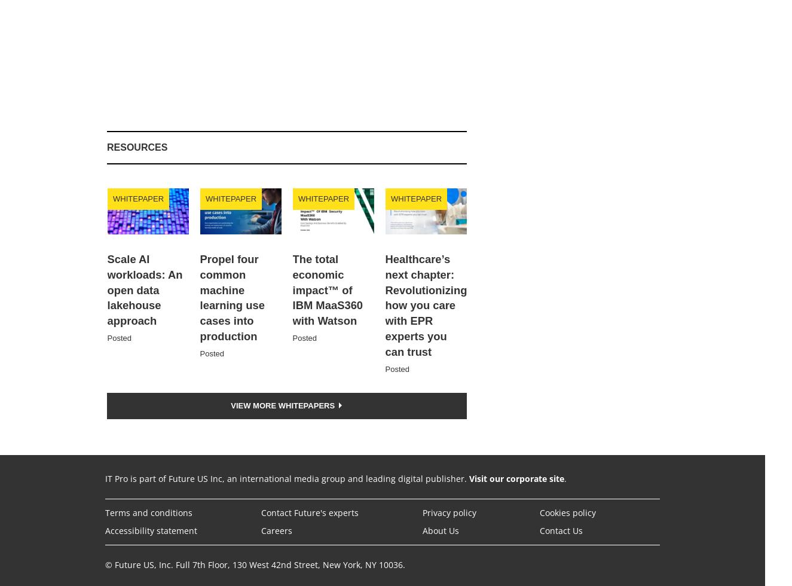  Describe the element at coordinates (561, 530) in the screenshot. I see `'Contact Us'` at that location.